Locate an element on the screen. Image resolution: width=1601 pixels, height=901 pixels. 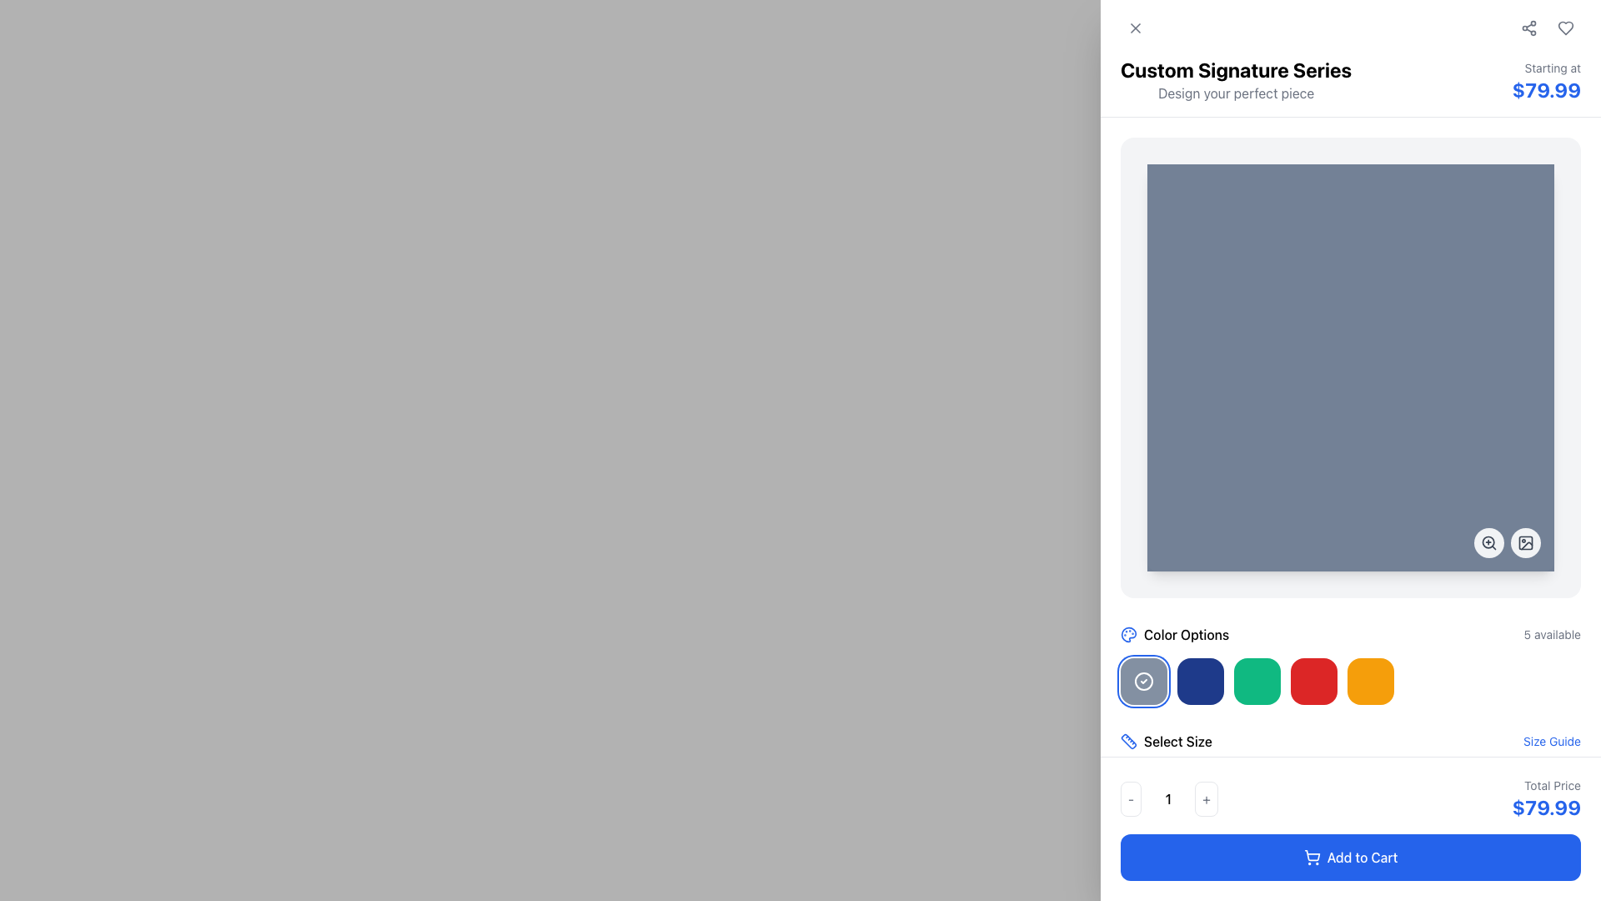
text from the Price label located beneath the title 'Custom Signature Series' and to the right of the subtitle 'Design your perfect piece' in the top-right corner of the layout is located at coordinates (1545, 81).